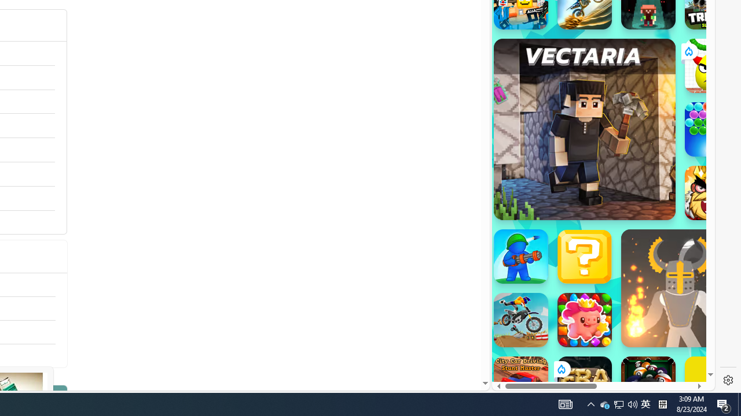 This screenshot has width=741, height=416. Describe the element at coordinates (711, 192) in the screenshot. I see `'Like a King'` at that location.